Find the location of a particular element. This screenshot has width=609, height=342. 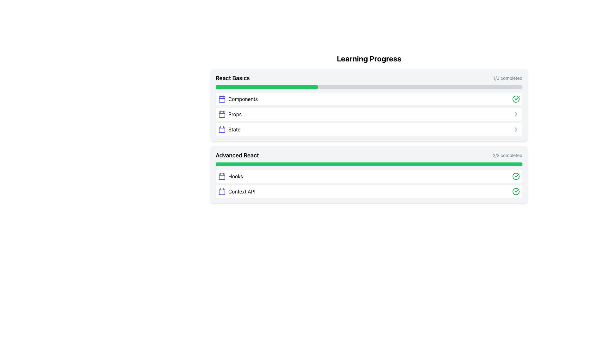

the Text Label that serves as the title for the 'Advanced React' learning module section, located to the left of the progress indicator is located at coordinates (237, 155).